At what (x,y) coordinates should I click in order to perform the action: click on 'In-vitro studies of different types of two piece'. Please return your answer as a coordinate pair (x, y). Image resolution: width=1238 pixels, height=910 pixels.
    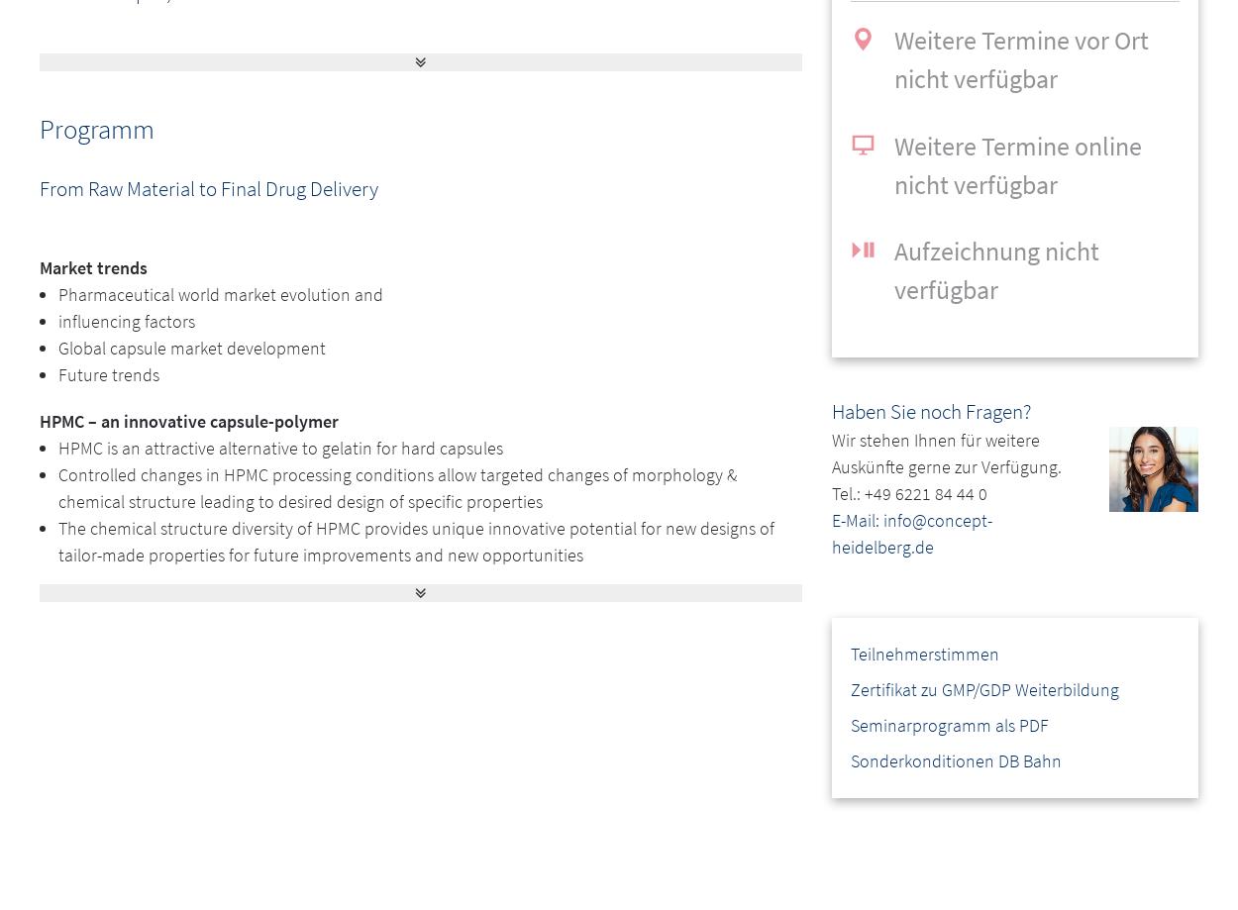
    Looking at the image, I should click on (224, 678).